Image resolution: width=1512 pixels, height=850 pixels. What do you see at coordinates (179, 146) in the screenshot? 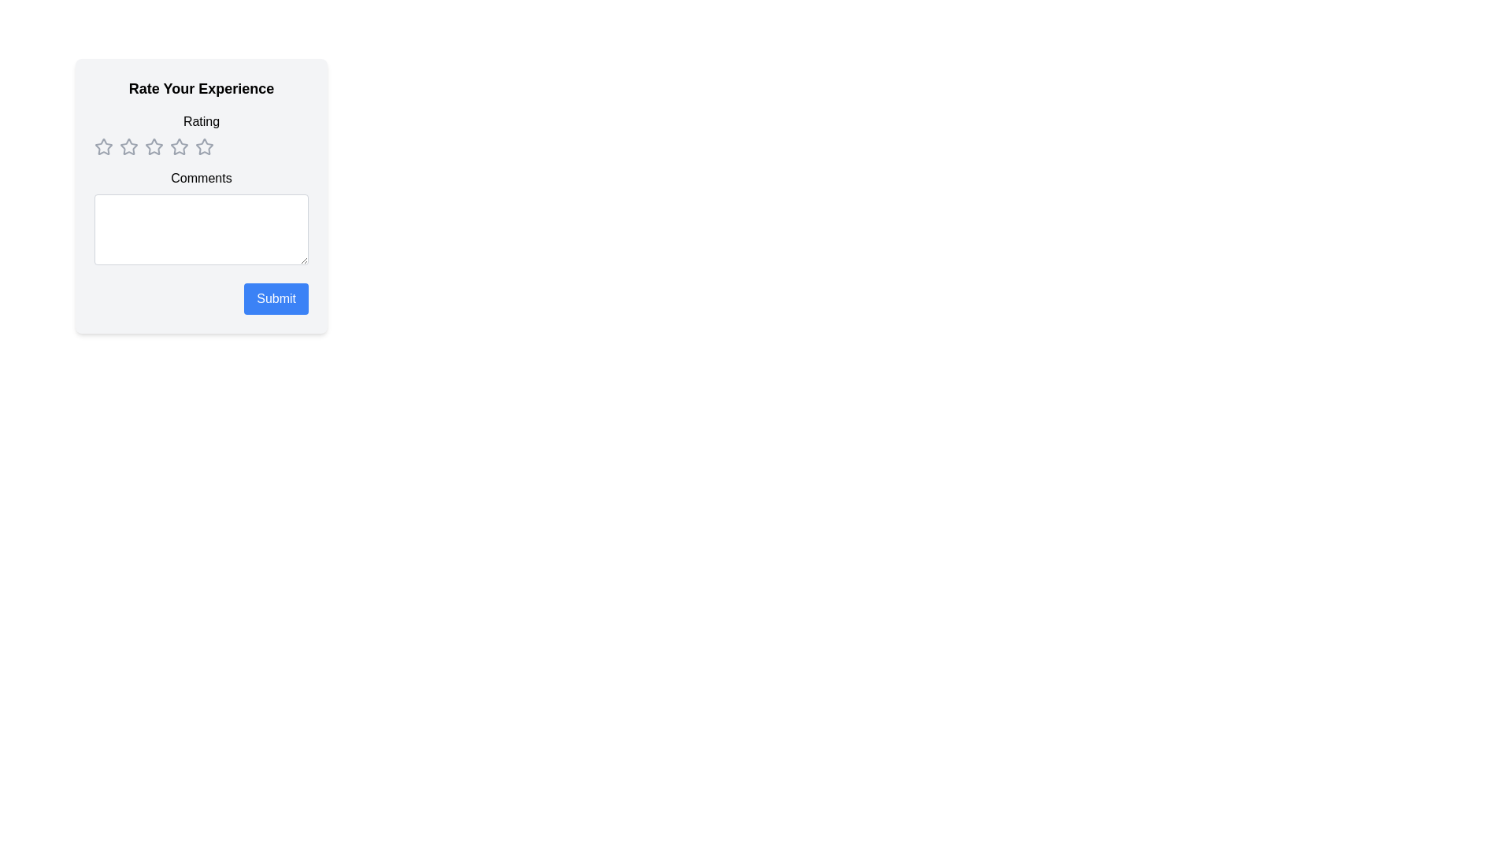
I see `the third star icon, which is a hollow five-pointed star in grayscale` at bounding box center [179, 146].